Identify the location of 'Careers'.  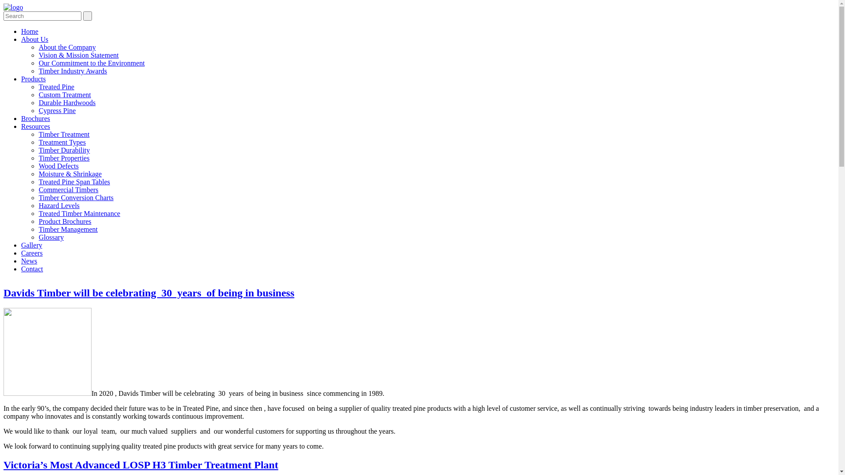
(32, 253).